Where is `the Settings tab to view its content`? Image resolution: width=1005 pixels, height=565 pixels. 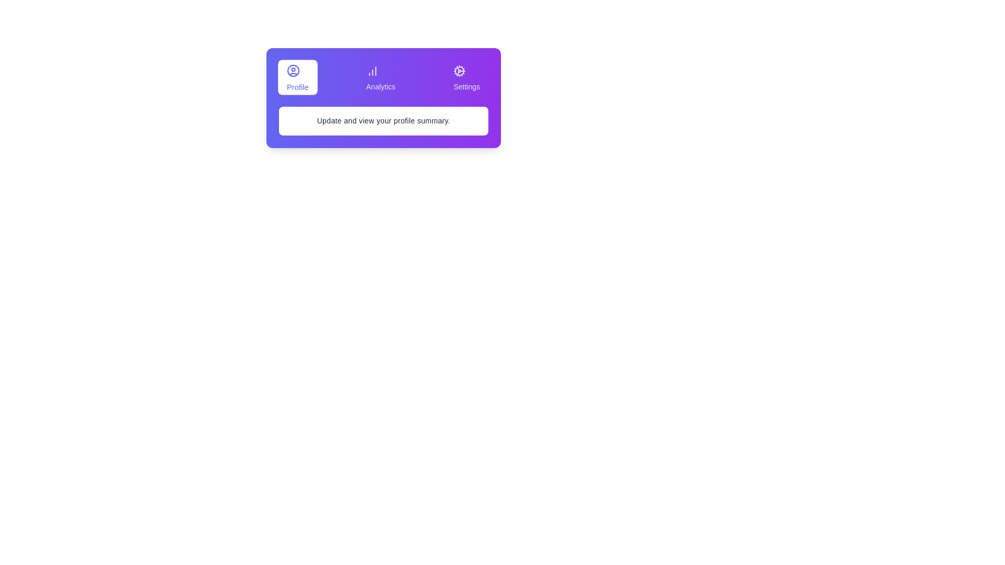 the Settings tab to view its content is located at coordinates (466, 76).